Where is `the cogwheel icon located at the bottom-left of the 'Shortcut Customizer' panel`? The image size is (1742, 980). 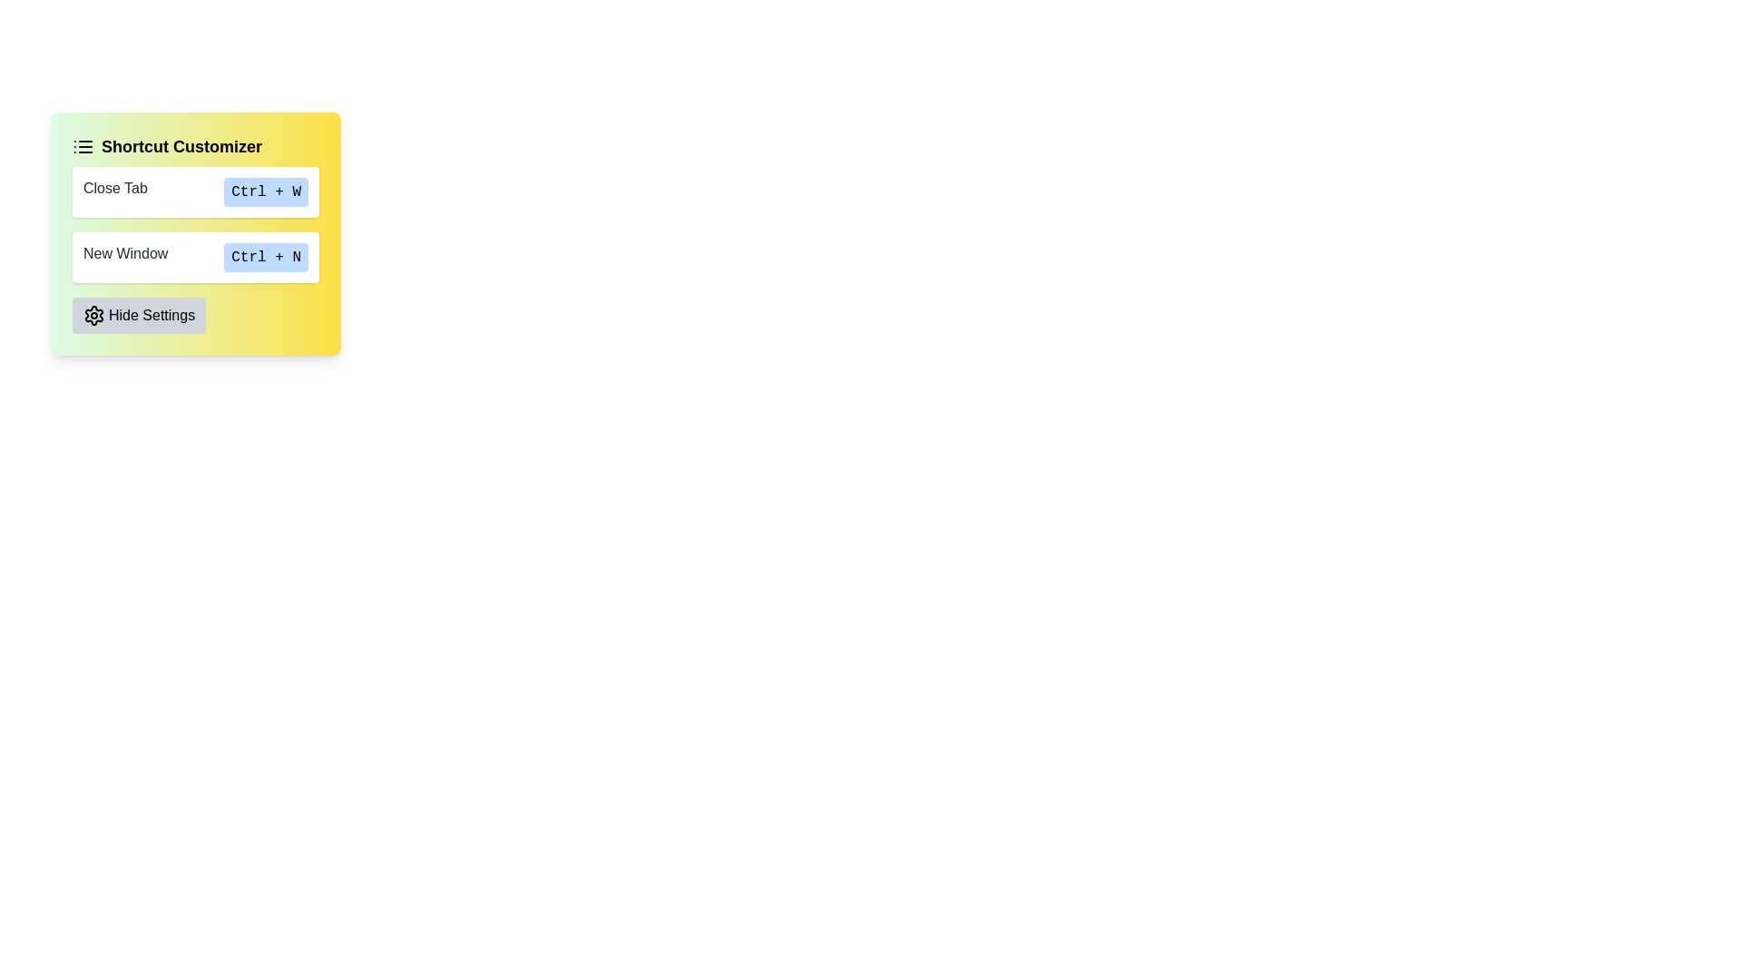 the cogwheel icon located at the bottom-left of the 'Shortcut Customizer' panel is located at coordinates (93, 314).